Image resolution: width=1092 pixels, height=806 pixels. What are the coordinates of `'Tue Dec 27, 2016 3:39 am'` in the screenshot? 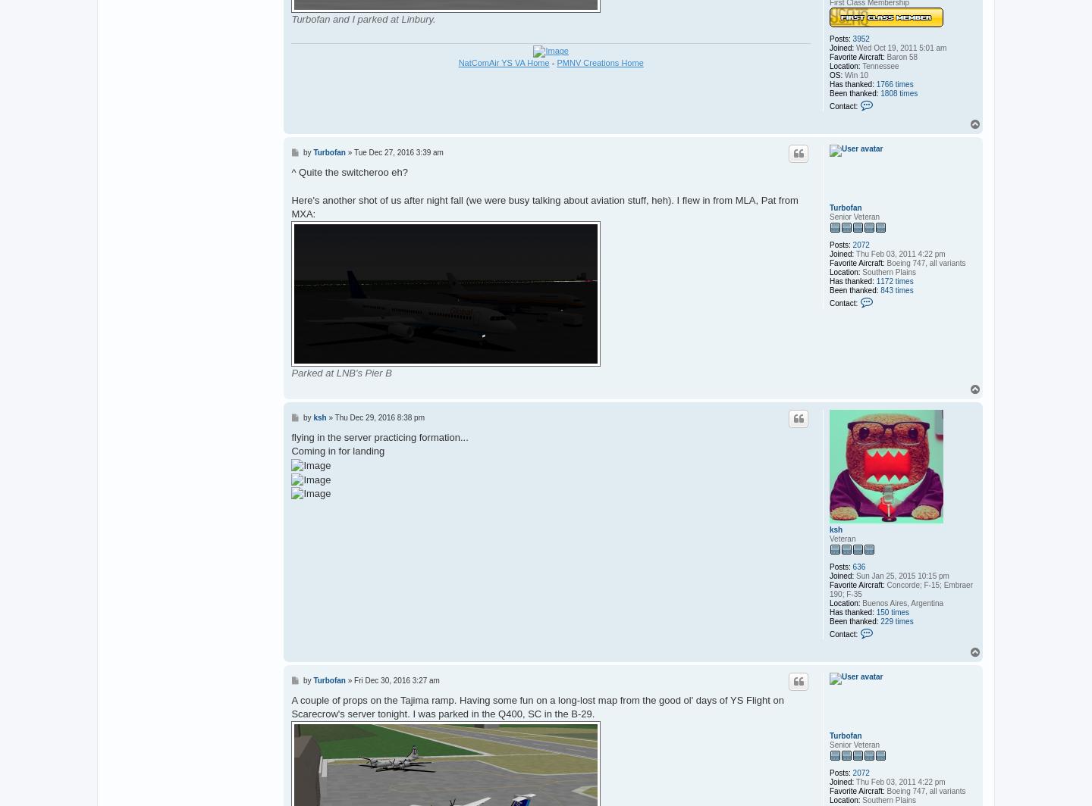 It's located at (397, 152).